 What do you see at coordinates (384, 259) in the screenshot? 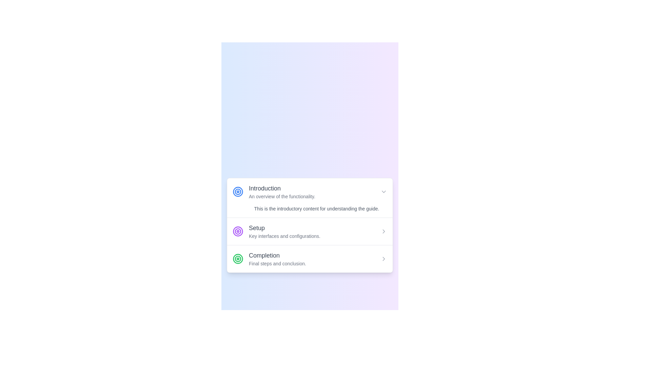
I see `the right-pointing arrow icon indicating navigability for the 'Setup' section, for accessibility purposes` at bounding box center [384, 259].